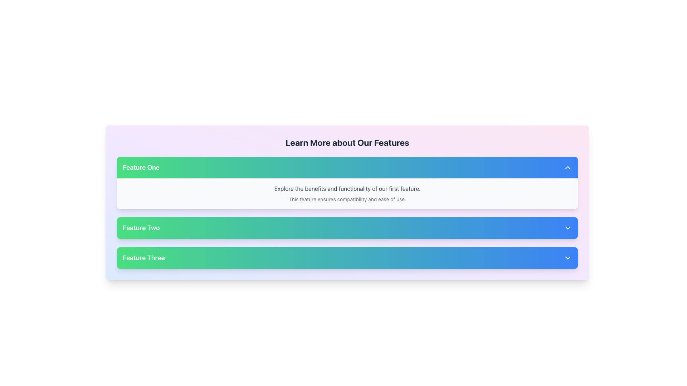 The width and height of the screenshot is (687, 386). Describe the element at coordinates (567, 228) in the screenshot. I see `the Chevron icon located on the rightmost area of the 'Feature Two' gradient button` at that location.